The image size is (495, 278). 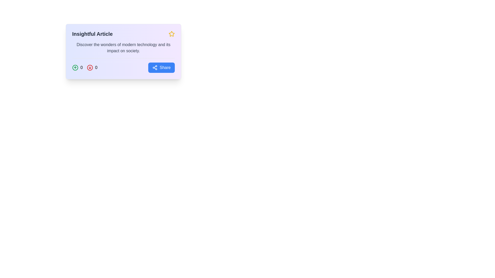 I want to click on the share icon, which is a rounded icon resembling a share symbol located within the blue 'Share' button at the bottom-right corner of its section, to initiate the sharing process, so click(x=155, y=67).